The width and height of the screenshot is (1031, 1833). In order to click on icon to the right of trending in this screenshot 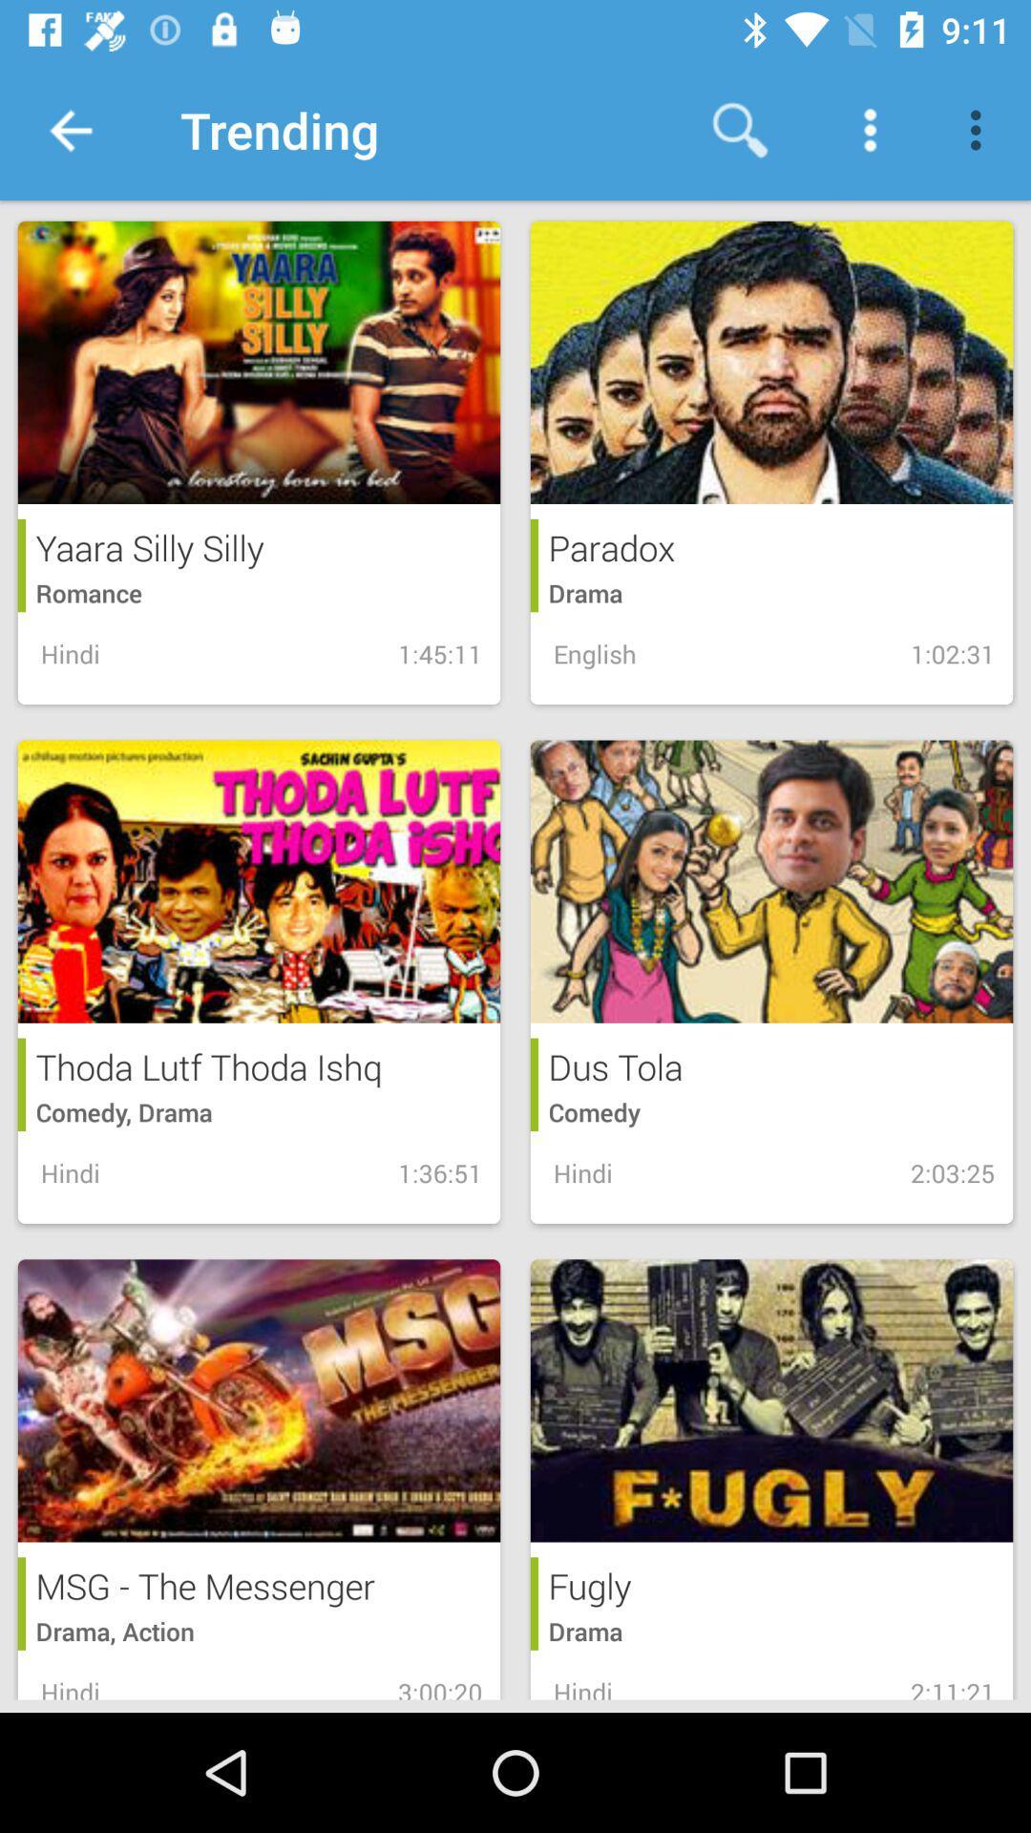, I will do `click(739, 129)`.